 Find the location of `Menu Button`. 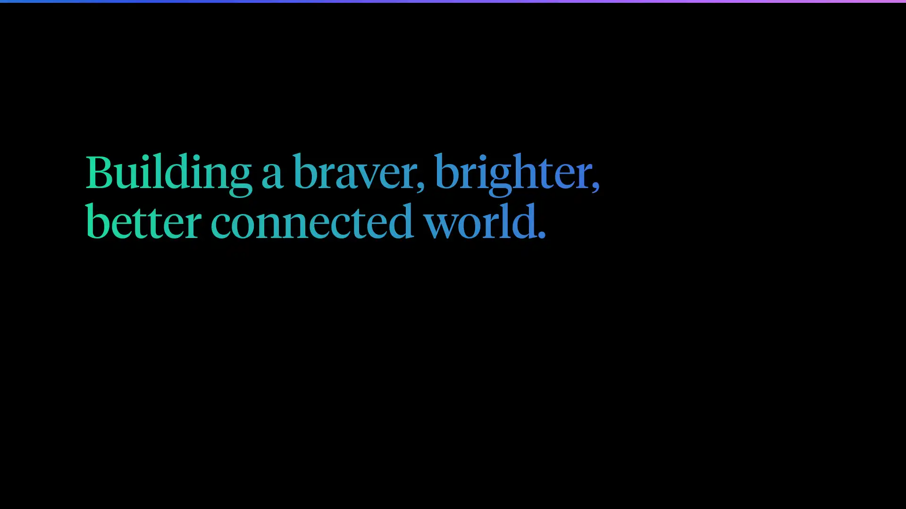

Menu Button is located at coordinates (810, 25).